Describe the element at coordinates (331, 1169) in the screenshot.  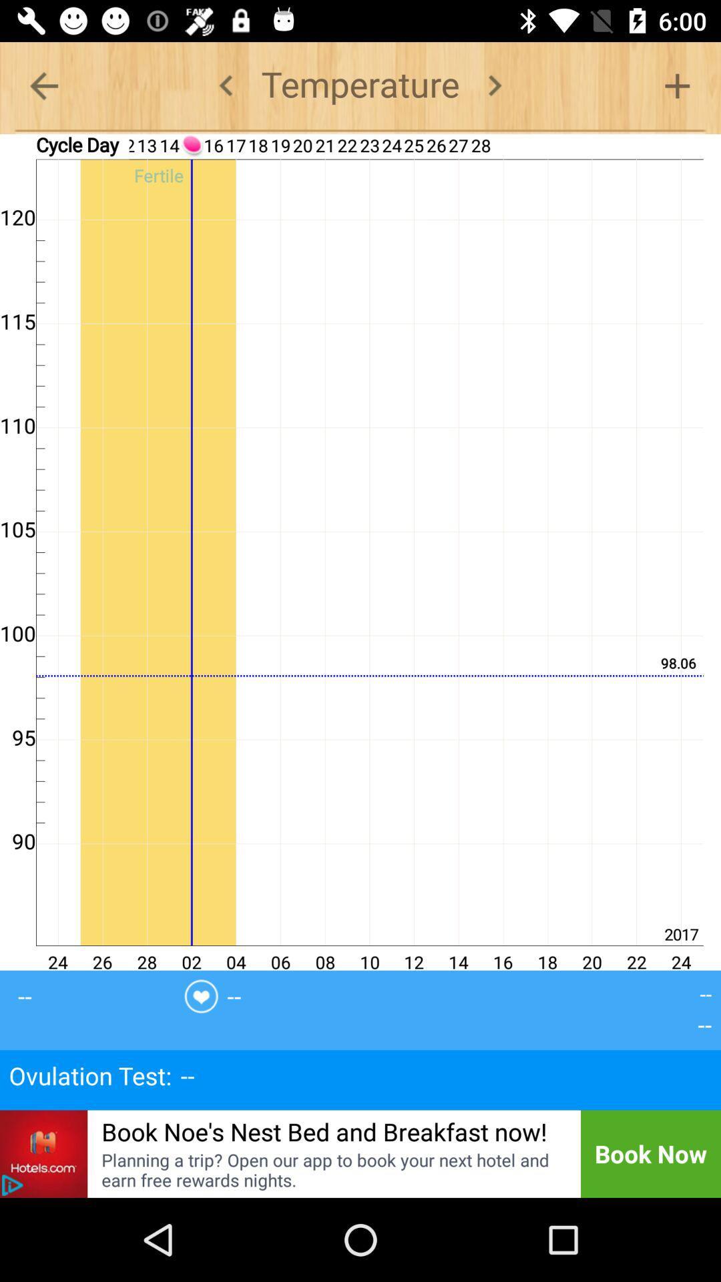
I see `the item next to the book now icon` at that location.